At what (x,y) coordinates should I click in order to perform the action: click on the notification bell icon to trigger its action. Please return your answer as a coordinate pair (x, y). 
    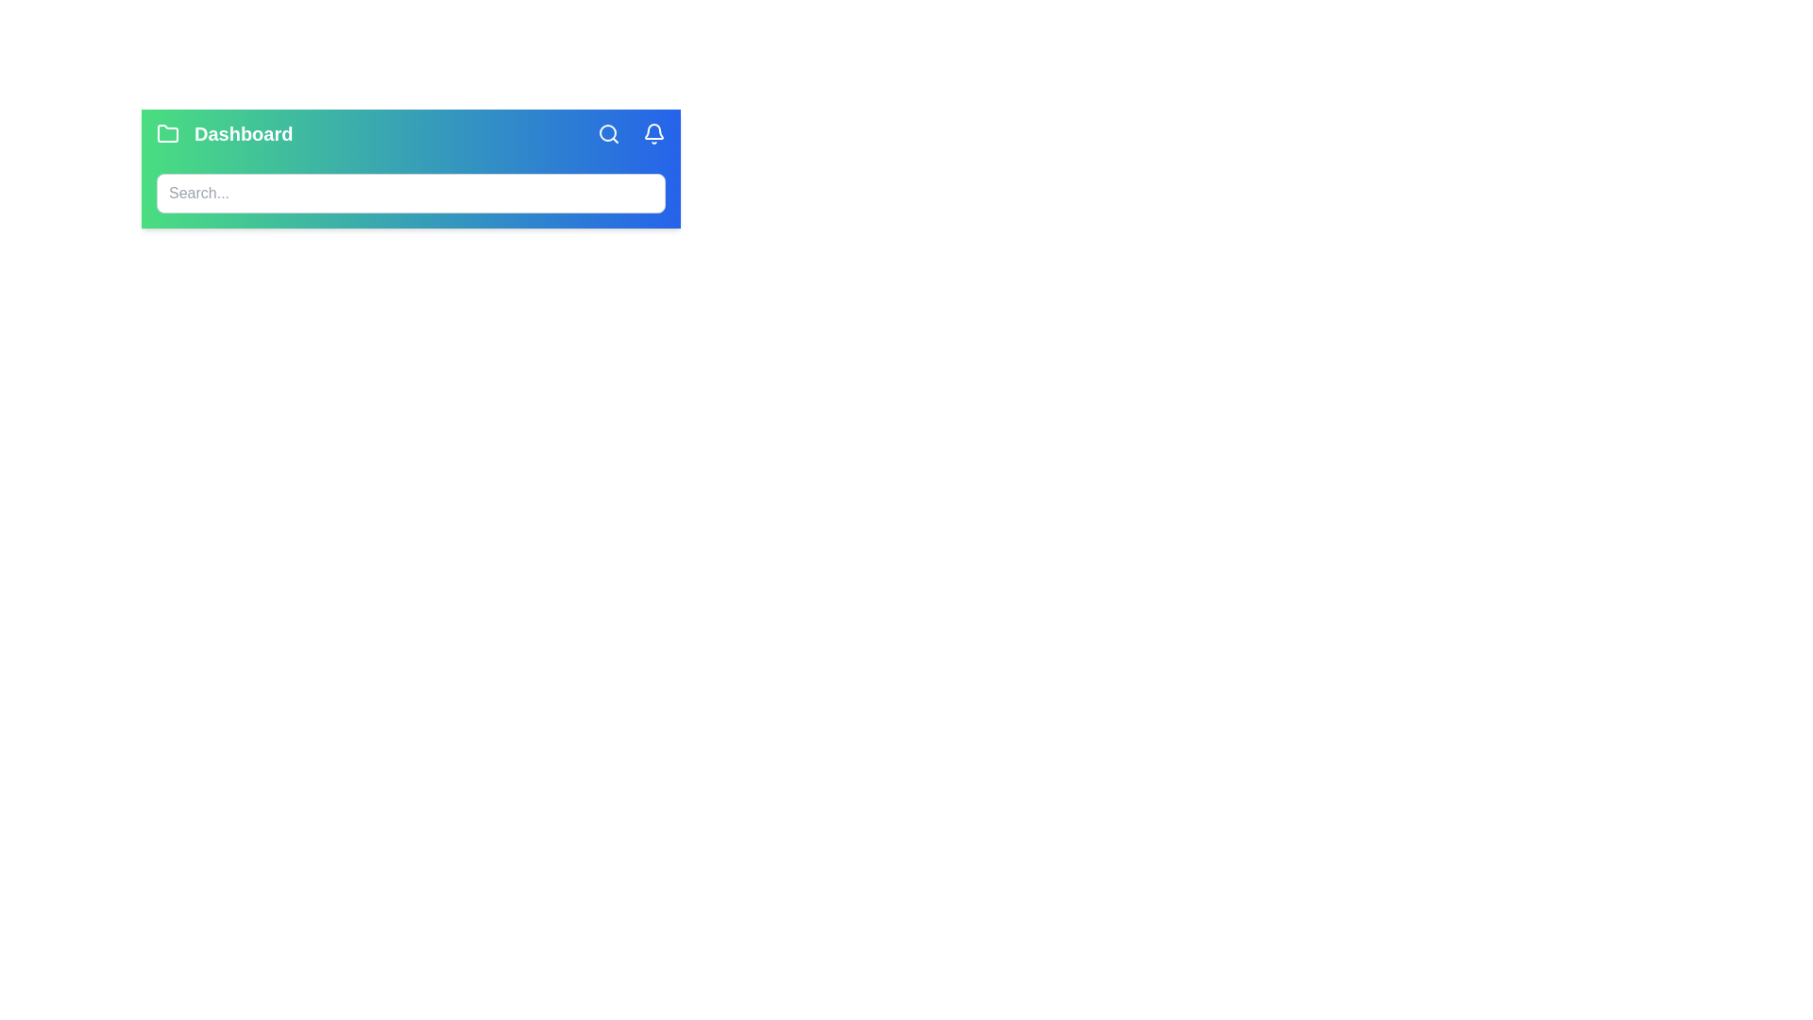
    Looking at the image, I should click on (653, 133).